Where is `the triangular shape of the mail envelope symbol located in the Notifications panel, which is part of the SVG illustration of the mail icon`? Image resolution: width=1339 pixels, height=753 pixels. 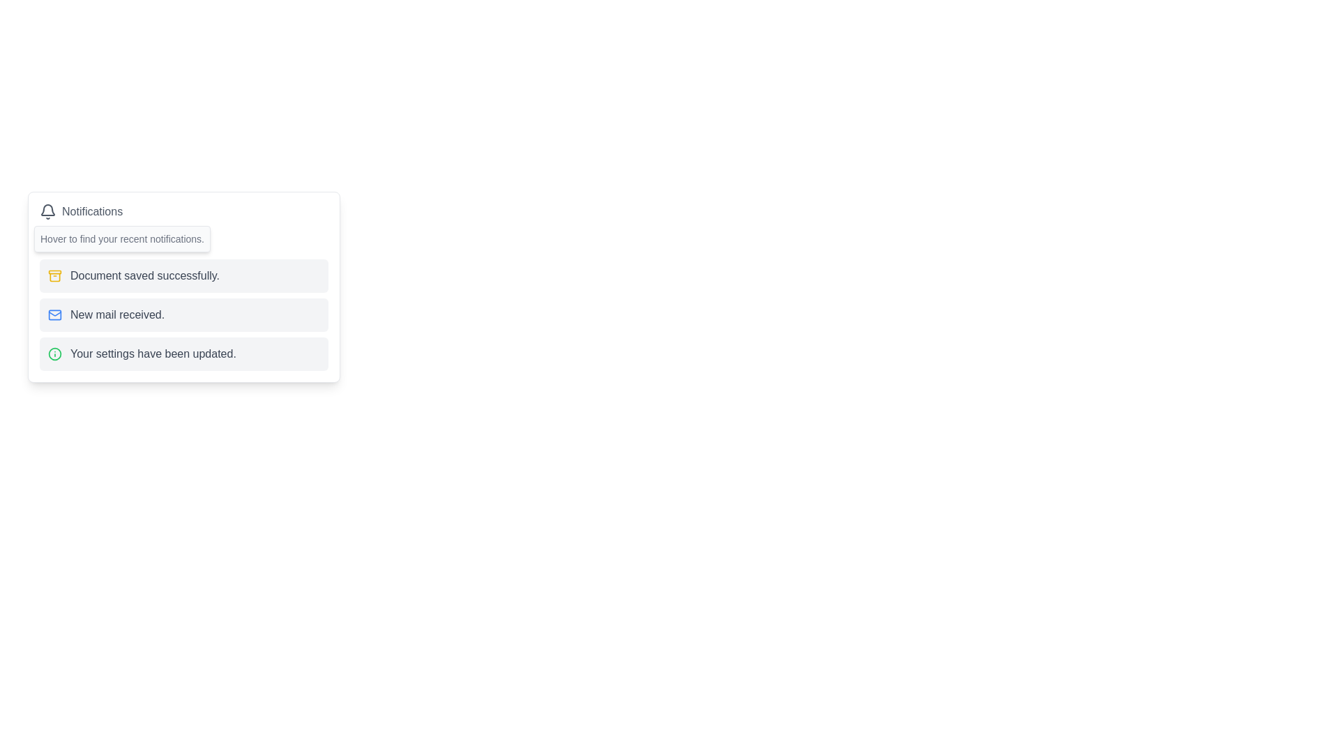 the triangular shape of the mail envelope symbol located in the Notifications panel, which is part of the SVG illustration of the mail icon is located at coordinates (54, 314).